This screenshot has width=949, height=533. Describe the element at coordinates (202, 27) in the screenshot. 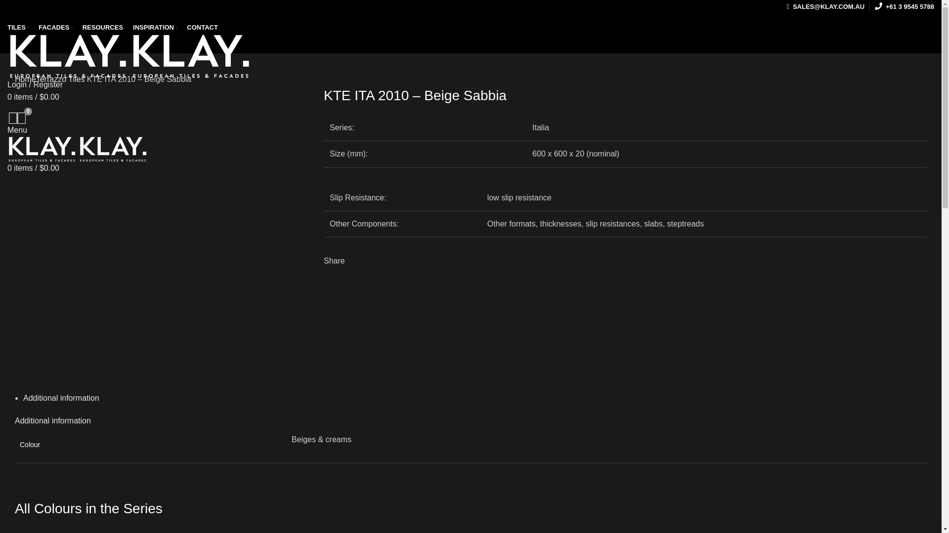

I see `'CONTACT'` at that location.